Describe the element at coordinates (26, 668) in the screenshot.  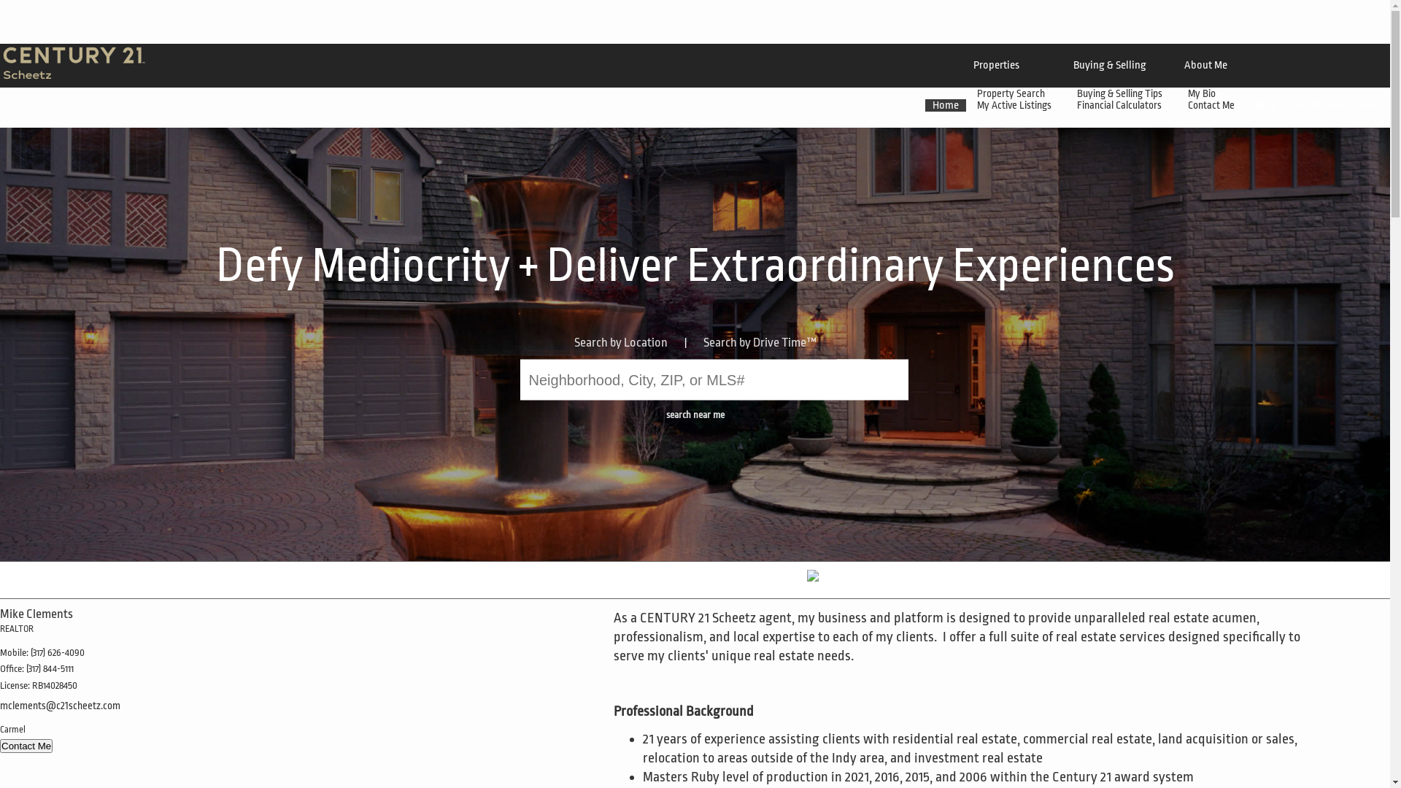
I see `'(317) 844-5111'` at that location.